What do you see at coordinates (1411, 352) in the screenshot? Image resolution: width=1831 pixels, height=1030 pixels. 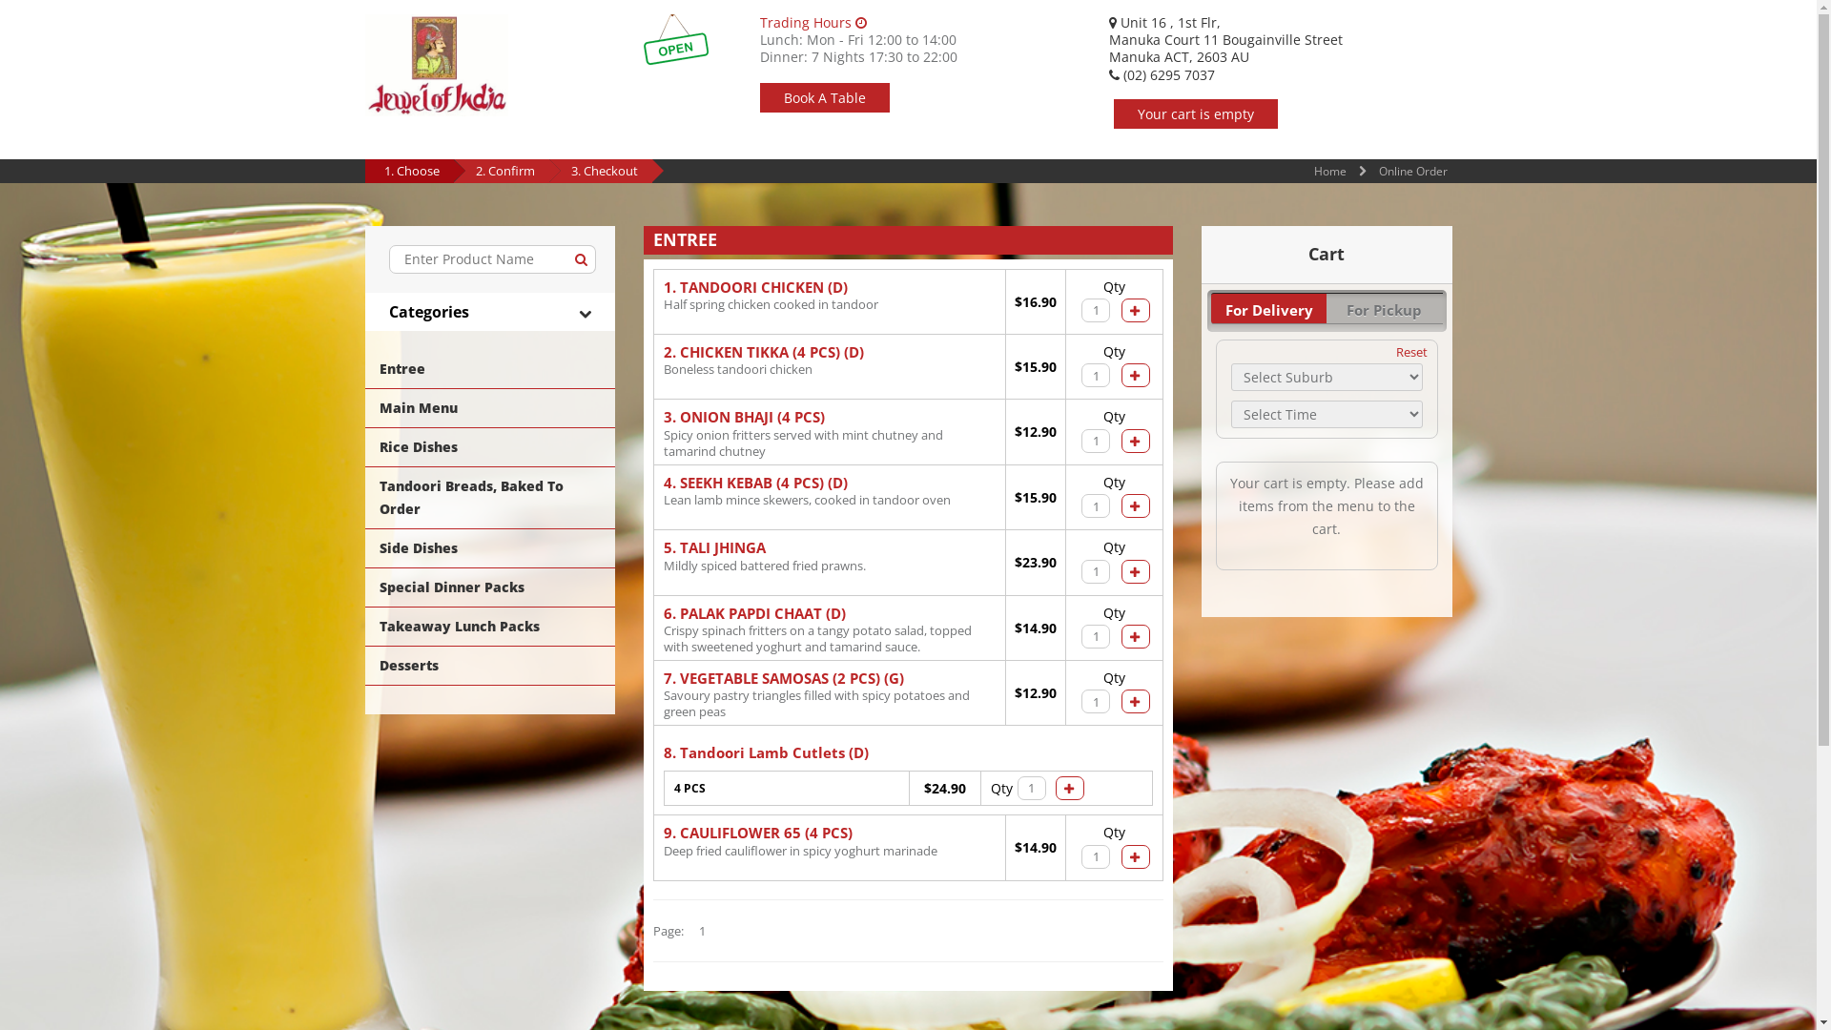 I see `'Reset'` at bounding box center [1411, 352].